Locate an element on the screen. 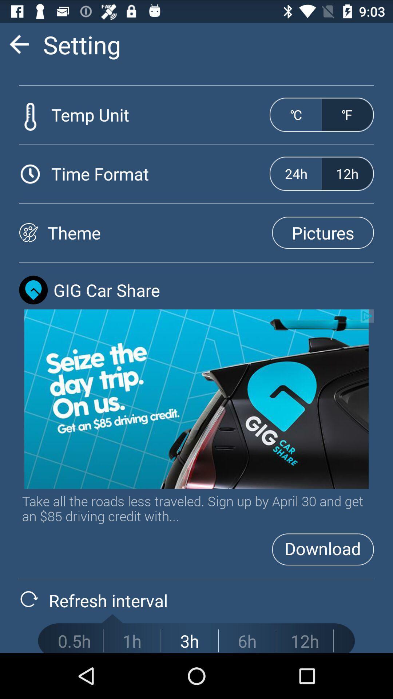 This screenshot has width=393, height=699. the location icon is located at coordinates (33, 310).